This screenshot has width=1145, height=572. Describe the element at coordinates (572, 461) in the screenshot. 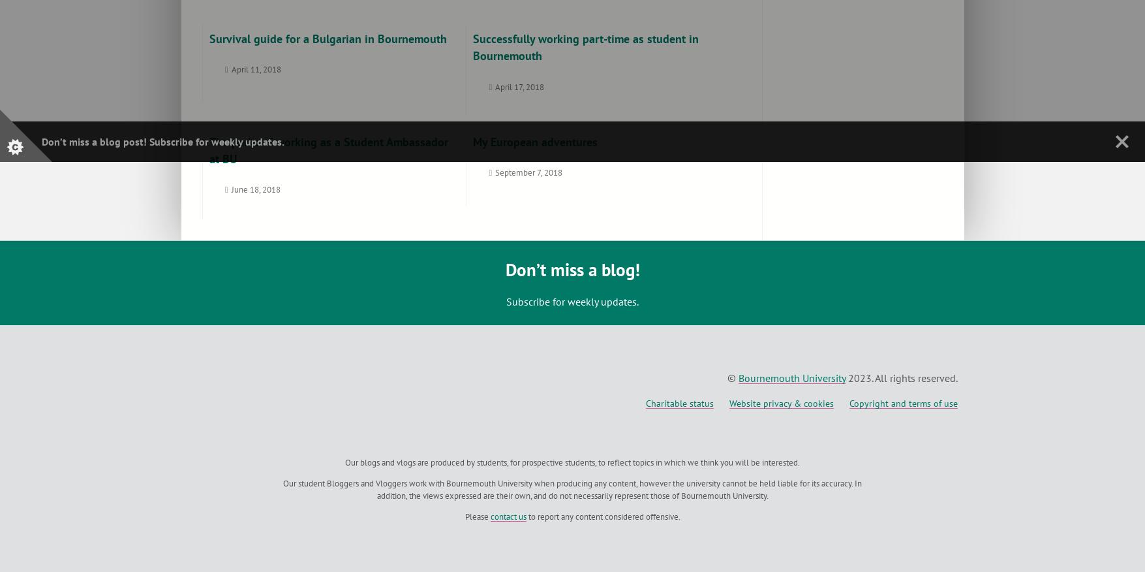

I see `'Our blogs and vlogs are produced by students, for prospective students, to reflect topics in which we think you will be interested.'` at that location.